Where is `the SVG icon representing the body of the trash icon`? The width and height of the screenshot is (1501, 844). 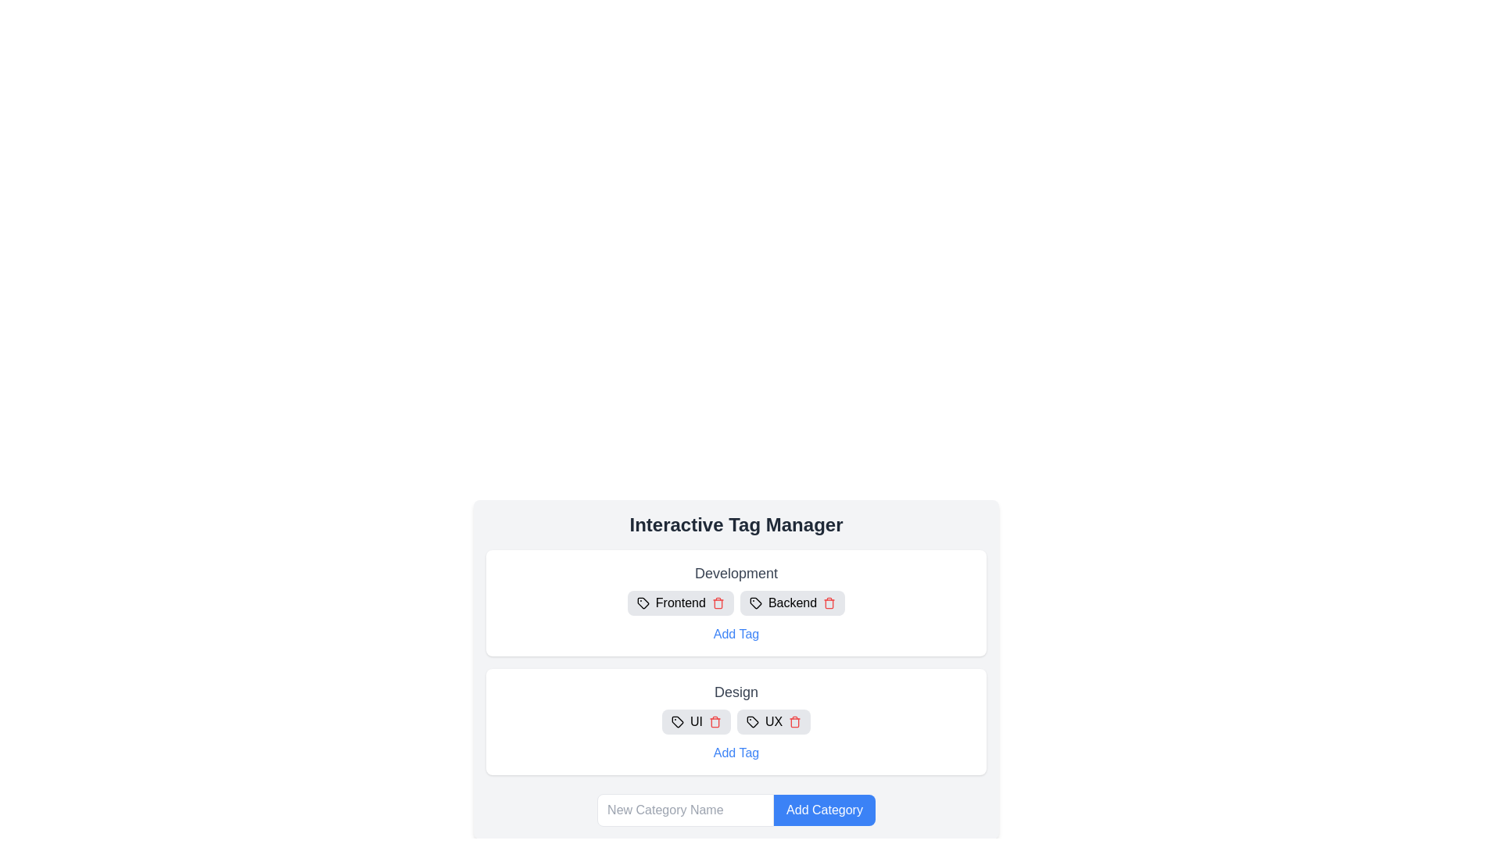 the SVG icon representing the body of the trash icon is located at coordinates (714, 723).